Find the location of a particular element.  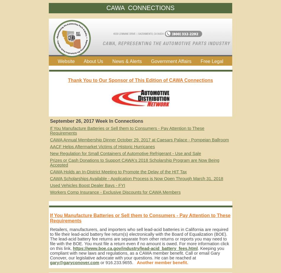

'New Regulation for Small Containers of Automotive Refrigerant - Use and Sale' is located at coordinates (125, 153).